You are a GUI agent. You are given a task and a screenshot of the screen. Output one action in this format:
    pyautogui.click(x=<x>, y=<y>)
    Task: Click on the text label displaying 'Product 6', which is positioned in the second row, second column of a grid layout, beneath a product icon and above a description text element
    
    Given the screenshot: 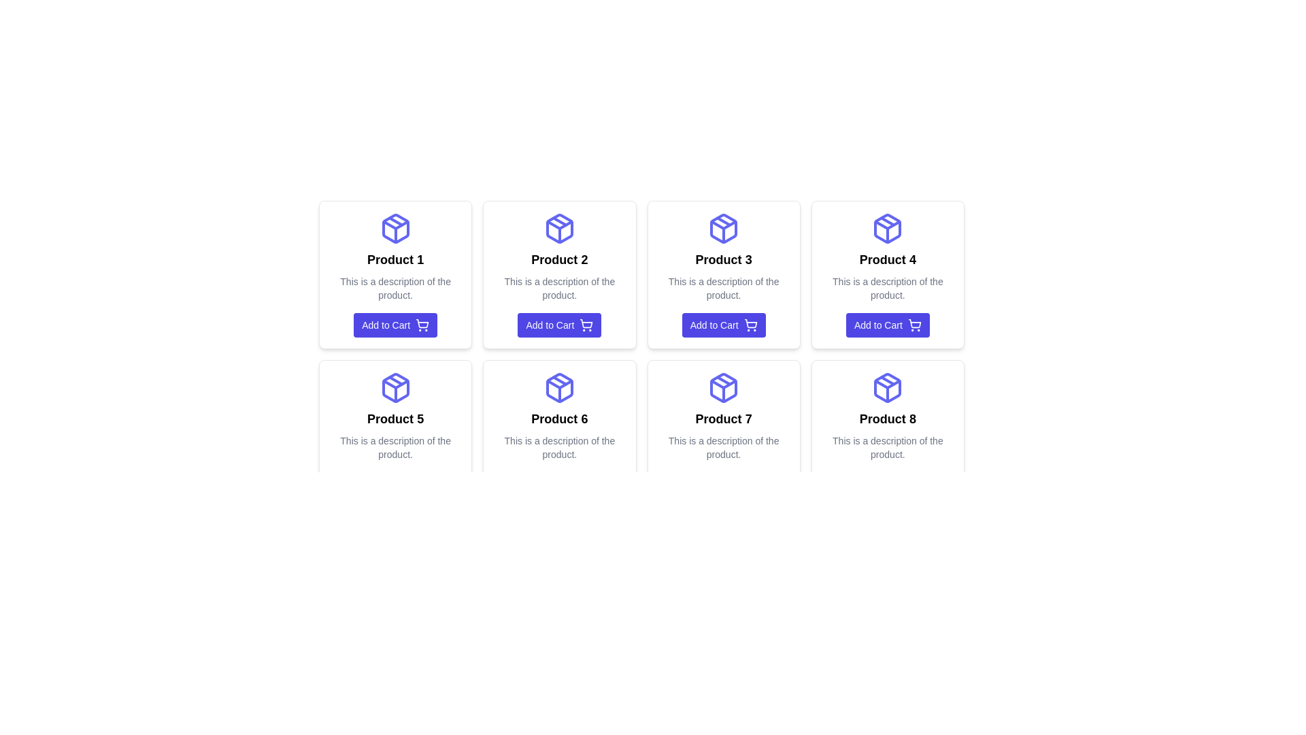 What is the action you would take?
    pyautogui.click(x=559, y=419)
    